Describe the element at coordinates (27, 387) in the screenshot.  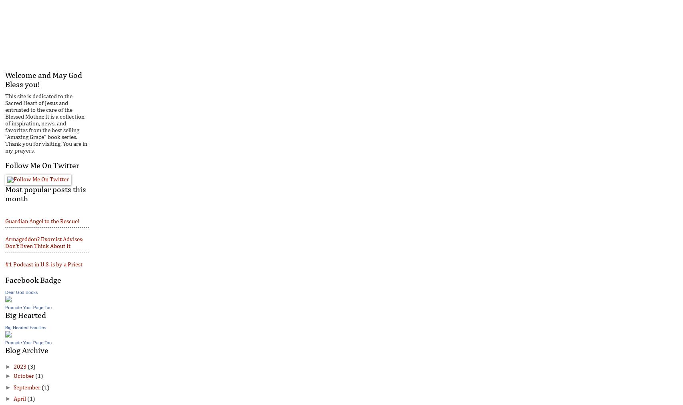
I see `'September'` at that location.